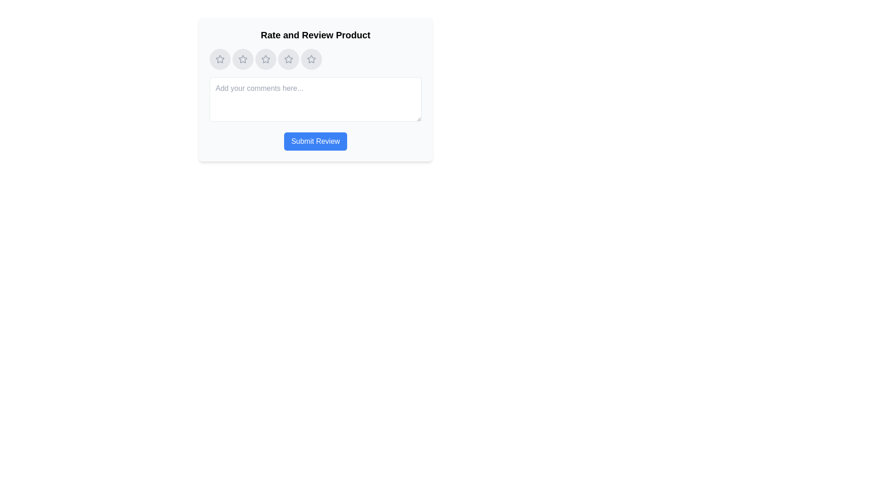  What do you see at coordinates (265, 59) in the screenshot?
I see `the second star icon in a row of five star icons` at bounding box center [265, 59].